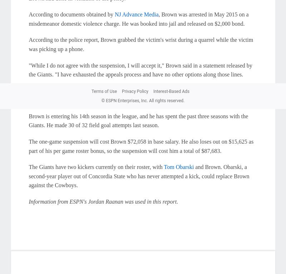  What do you see at coordinates (142, 100) in the screenshot?
I see `'© ESPN Enterprises, Inc. All rights reserved.'` at bounding box center [142, 100].